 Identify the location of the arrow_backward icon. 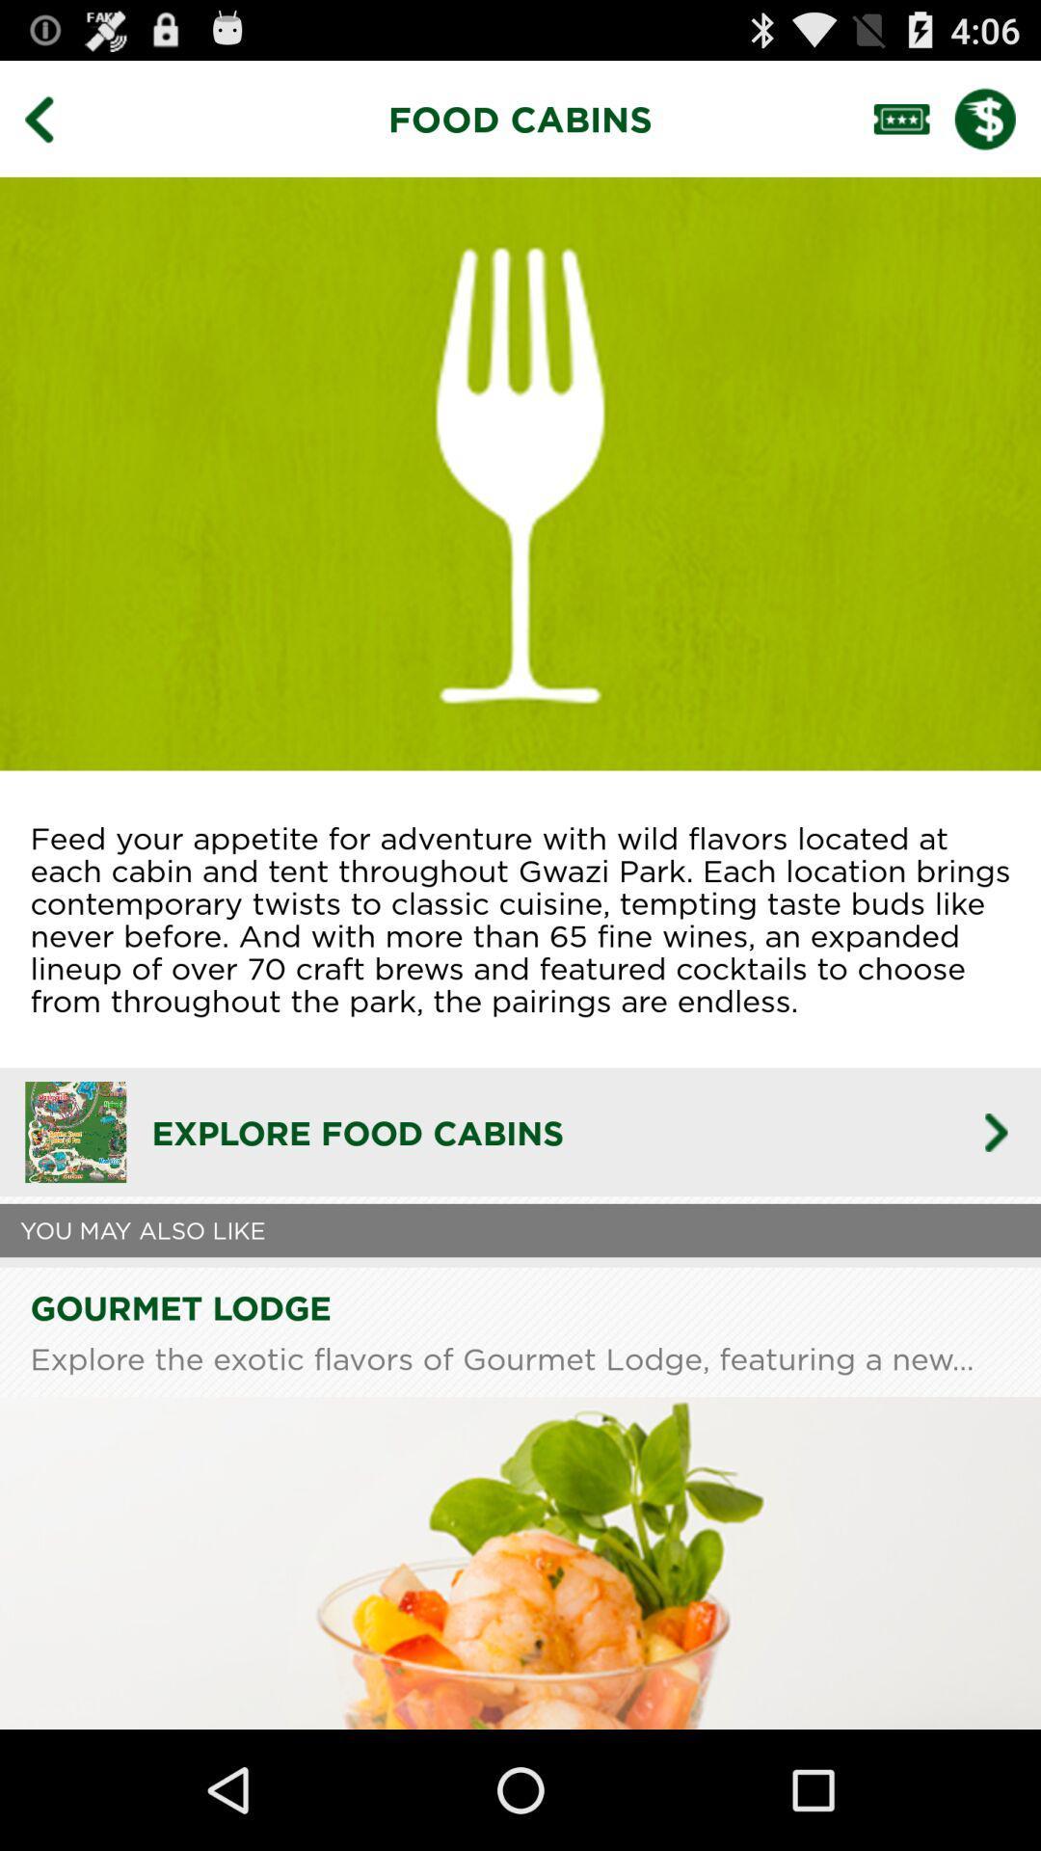
(52, 126).